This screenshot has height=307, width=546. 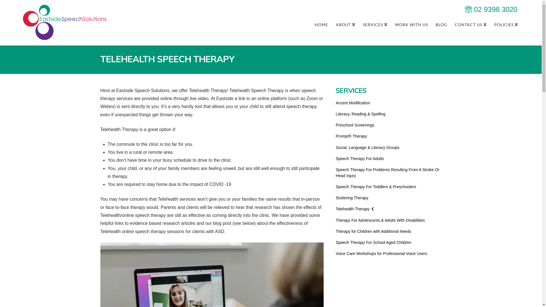 I want to click on 'Speech Therapy For Adults', so click(x=359, y=159).